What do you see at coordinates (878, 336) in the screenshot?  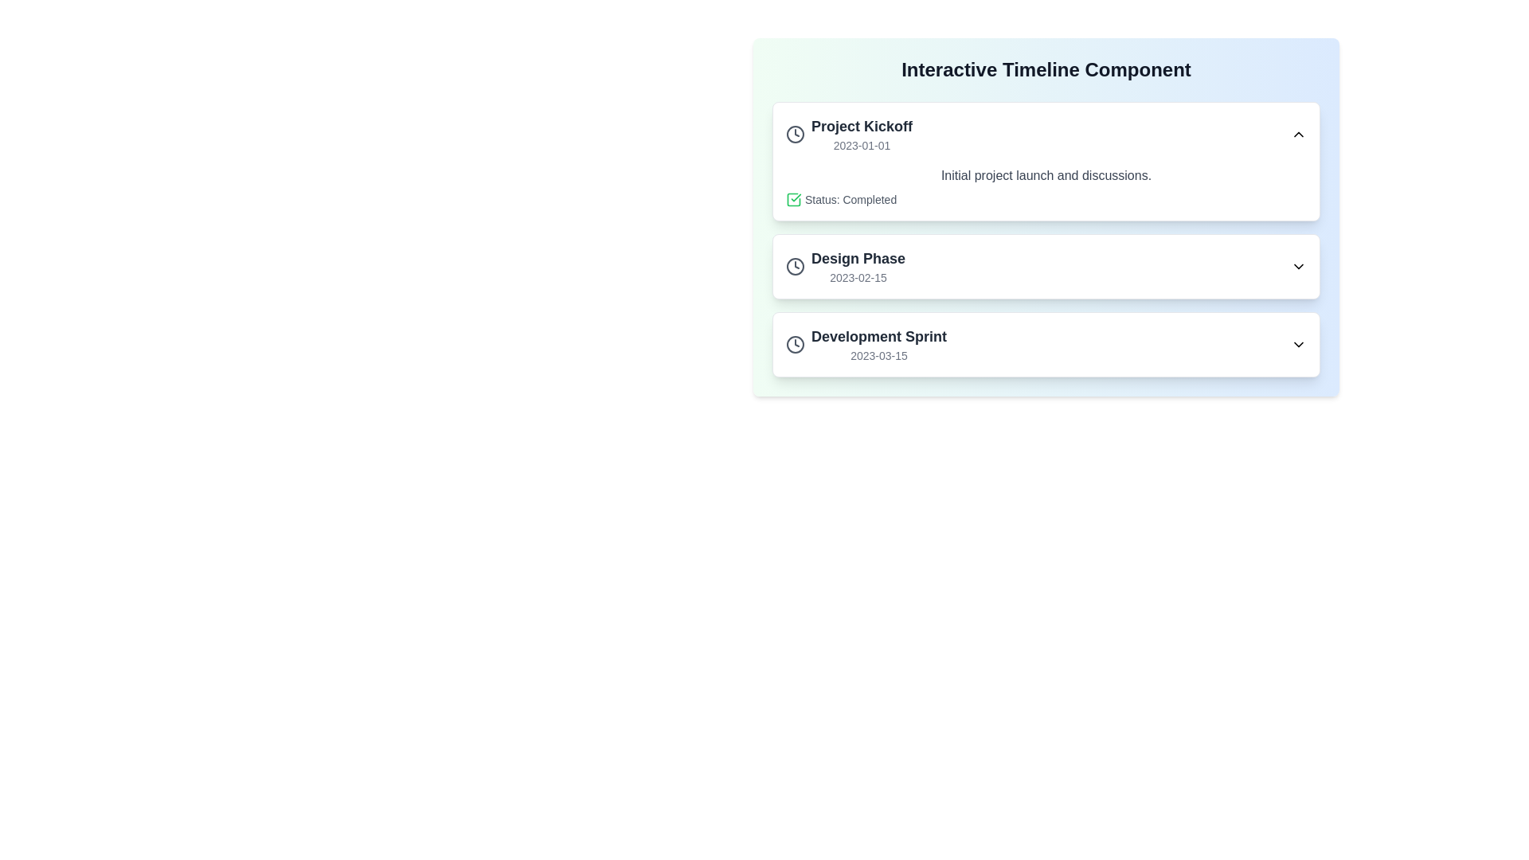 I see `the title text of the third timeline entry labeled 'Development Sprint', which is positioned above the date '2023-03-15'` at bounding box center [878, 336].